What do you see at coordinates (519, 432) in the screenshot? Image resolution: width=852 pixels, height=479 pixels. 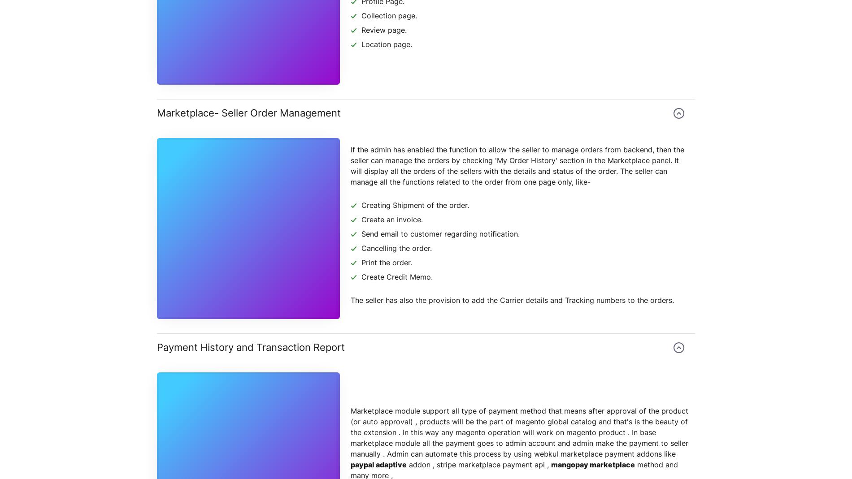 I see `'Marketplace module support all type of payment method that means after approval of the product (or auto approval) , products will be the part of magento global catalog and that's is the beauty of the extension . In this way any magento operation will work on magento product . In base marketplace module all the payment goes to admin account and admin make the payment to seller manually . Admin can automate this process by using webkul marketplace payment addons like'` at bounding box center [519, 432].